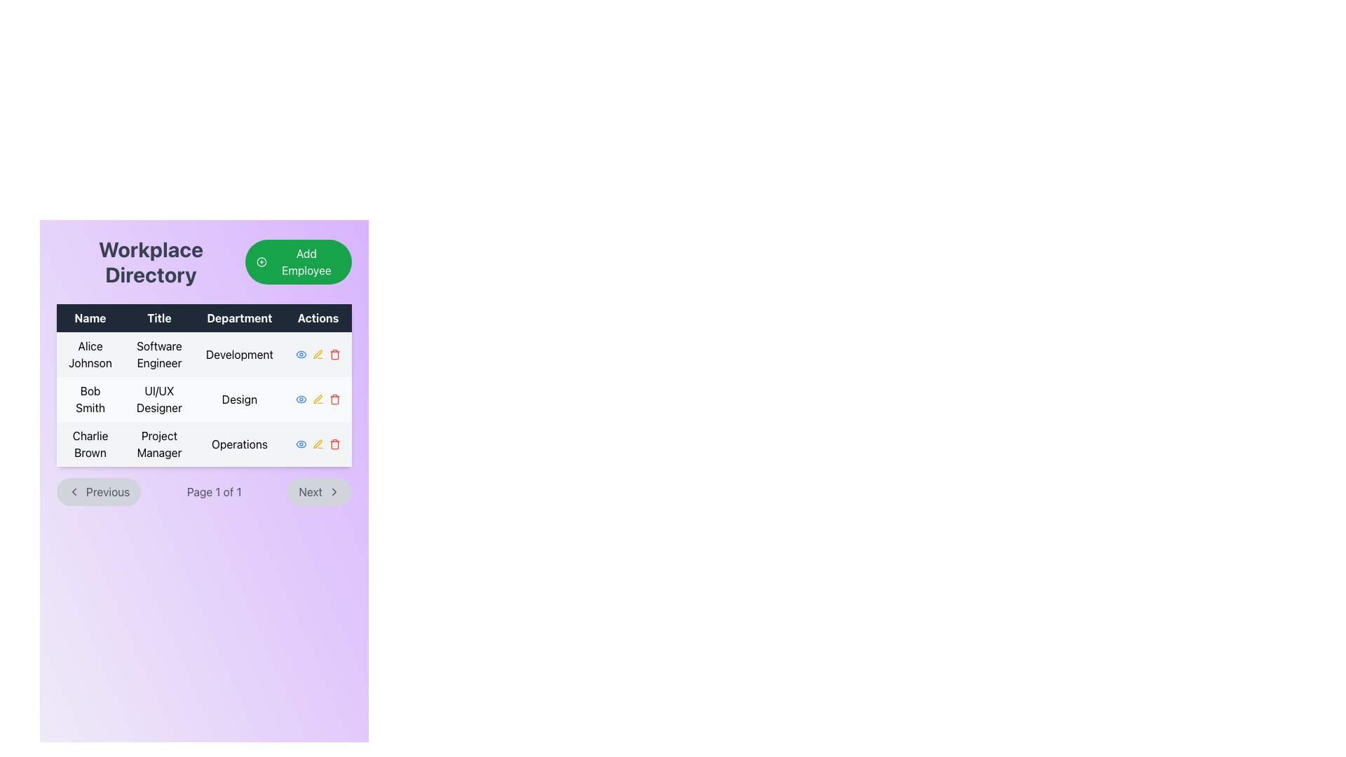  I want to click on the delete icon in the action toolset for the entry of 'Bob Smith' located in the rightmost column of the second row of the table, so click(318, 400).